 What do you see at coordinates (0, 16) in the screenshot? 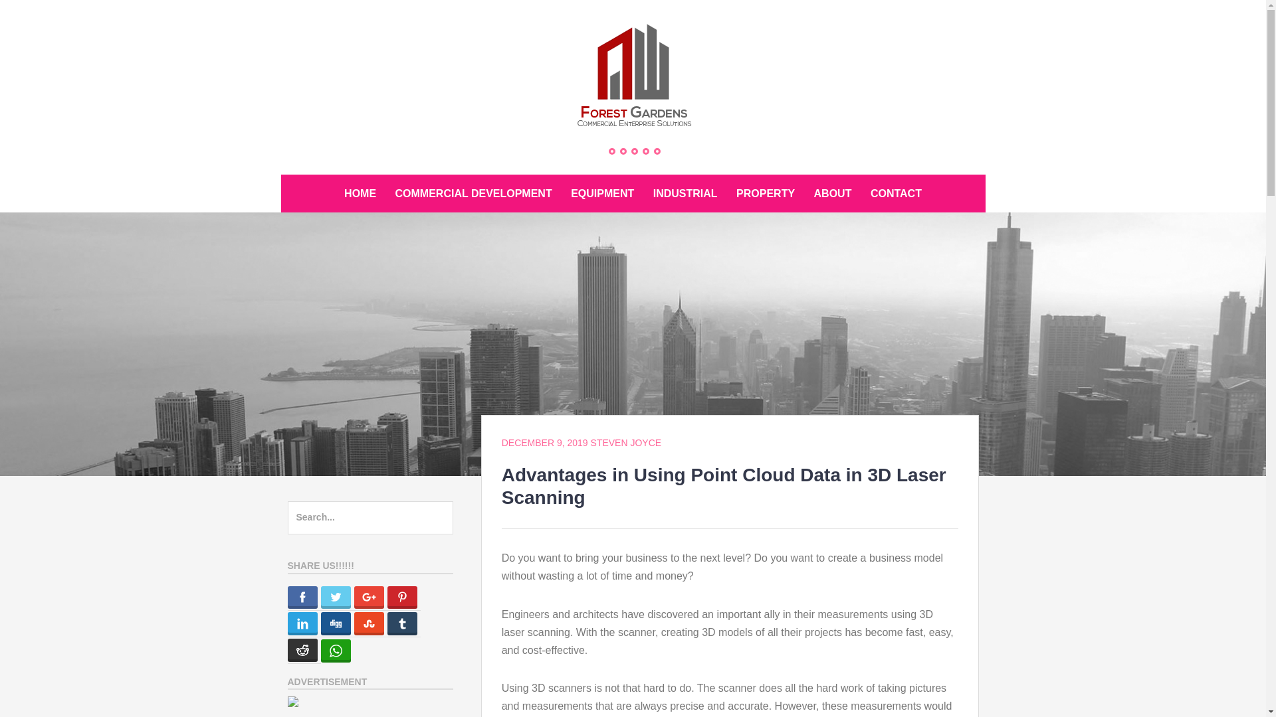
I see `'Search'` at bounding box center [0, 16].